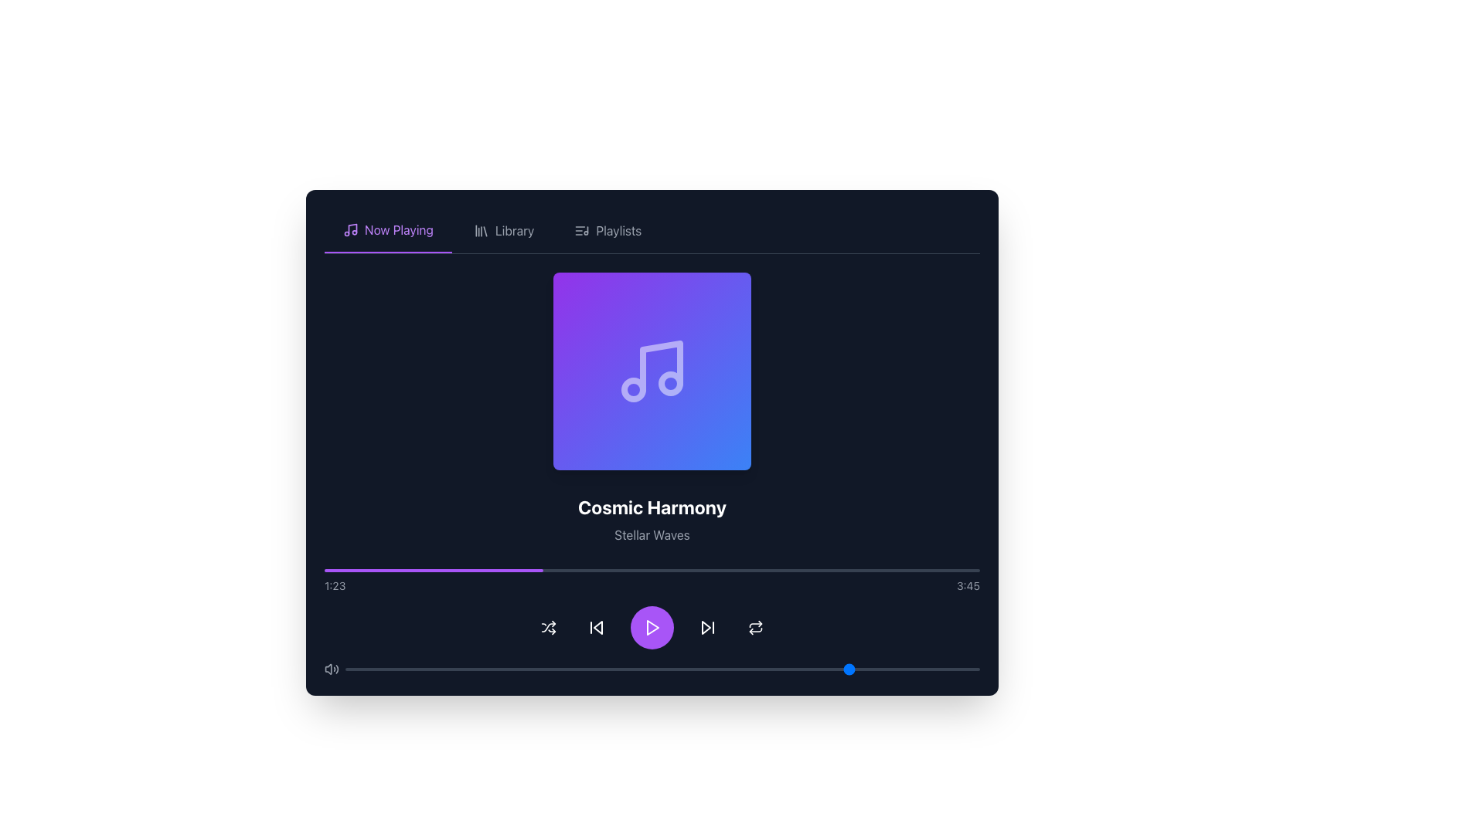 The image size is (1484, 834). I want to click on the shuffle button, which is a sleek, monochromatic icon of curved arrows forming a criss-cross pattern located in the bottom center of the interface next, so click(549, 628).